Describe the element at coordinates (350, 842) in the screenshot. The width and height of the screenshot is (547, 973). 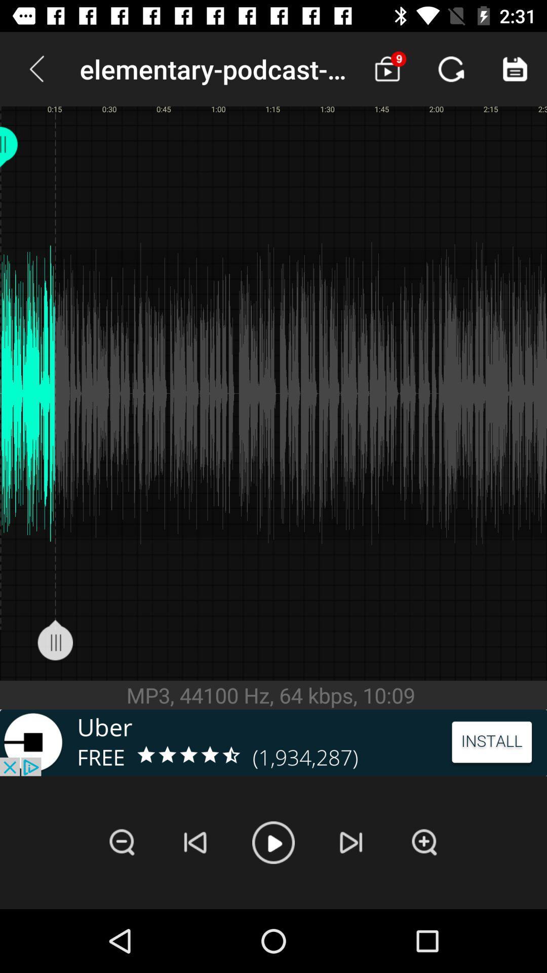
I see `fast forward` at that location.